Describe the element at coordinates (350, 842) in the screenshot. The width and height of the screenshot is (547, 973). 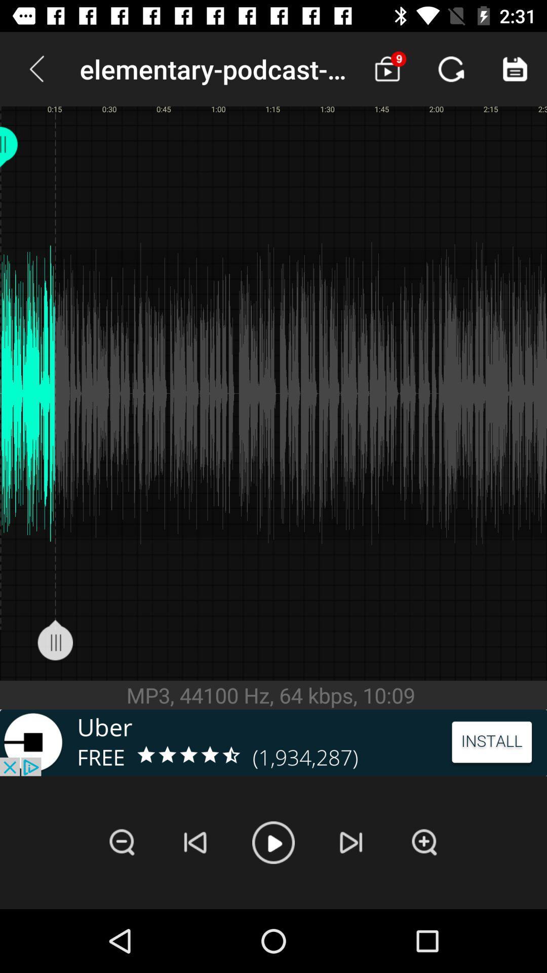
I see `fast forward` at that location.